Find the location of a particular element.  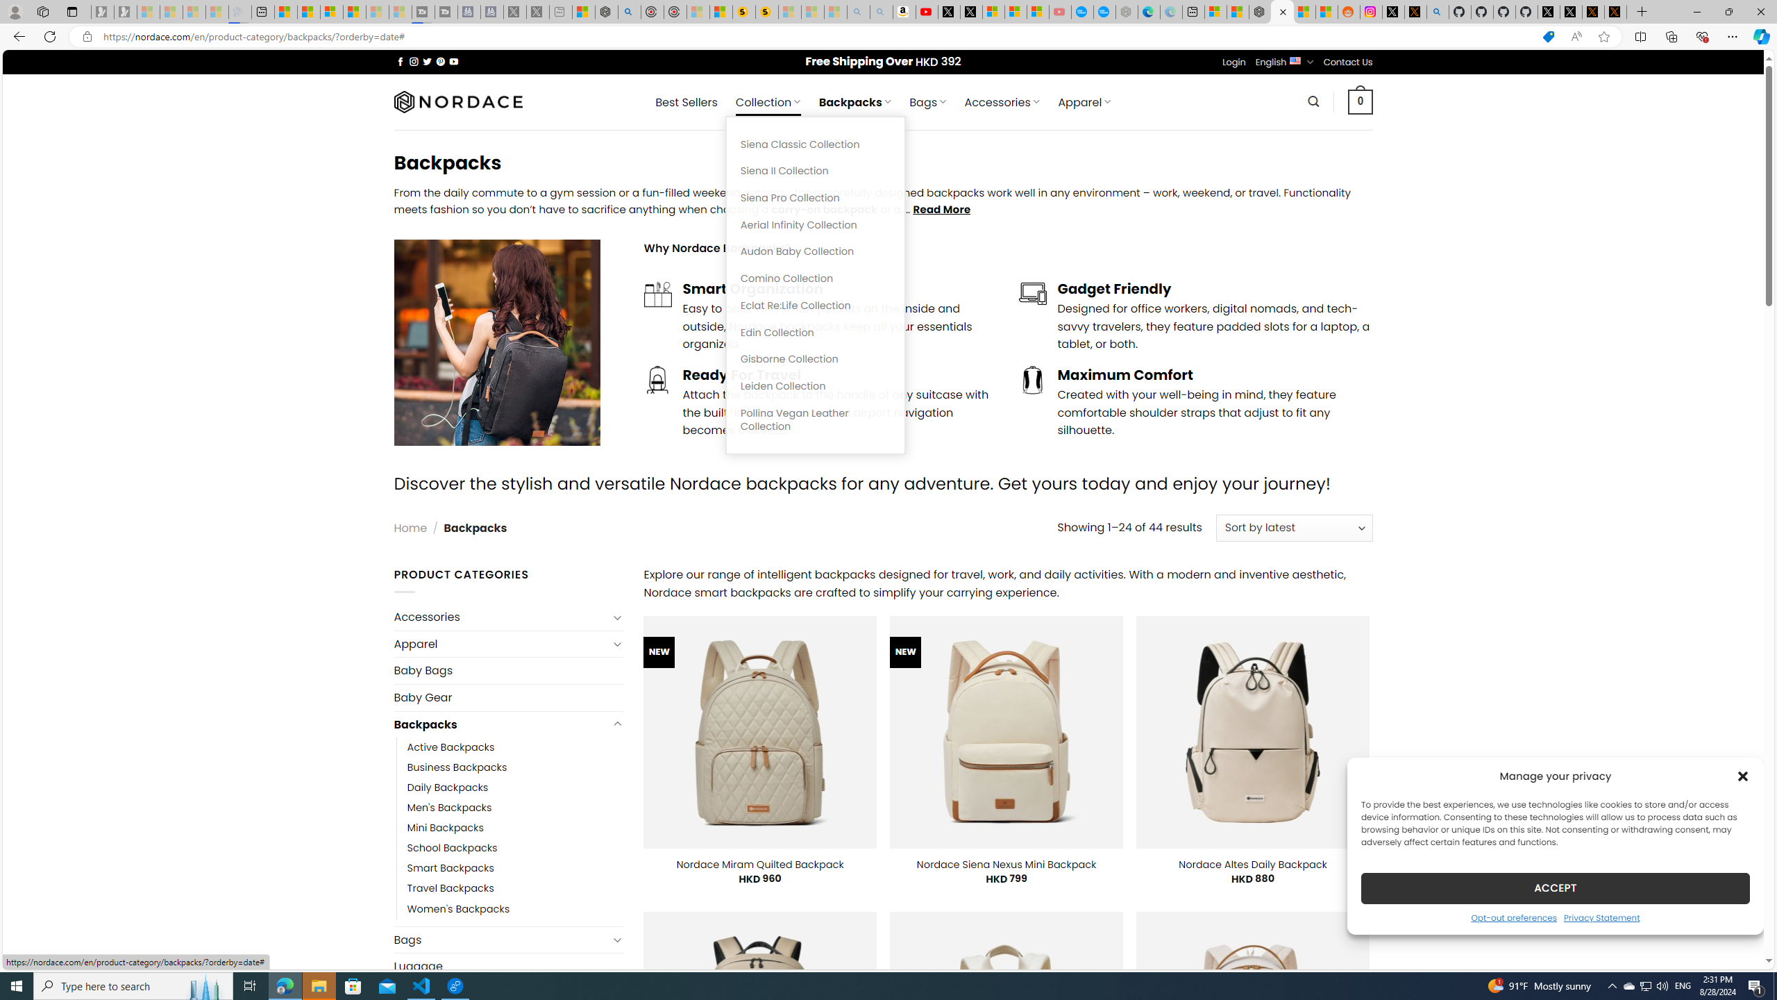

'Baby Bags' is located at coordinates (507, 670).